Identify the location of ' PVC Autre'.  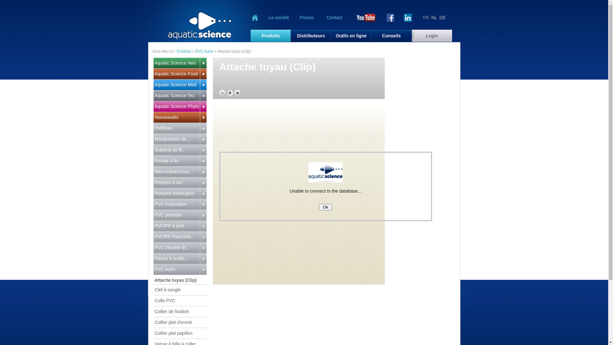
(153, 270).